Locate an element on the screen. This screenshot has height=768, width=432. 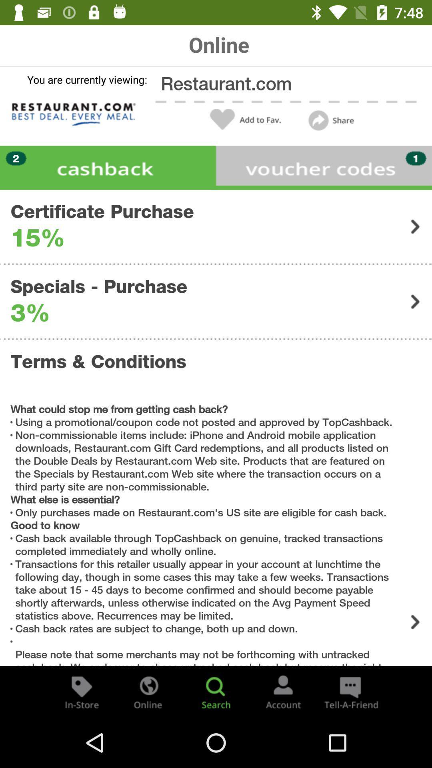
the label icon is located at coordinates (82, 691).